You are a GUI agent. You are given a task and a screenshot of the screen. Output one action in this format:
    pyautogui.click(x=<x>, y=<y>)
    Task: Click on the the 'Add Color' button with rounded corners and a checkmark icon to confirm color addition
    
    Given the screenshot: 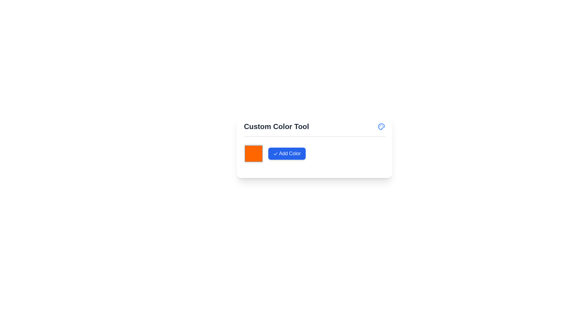 What is the action you would take?
    pyautogui.click(x=286, y=153)
    